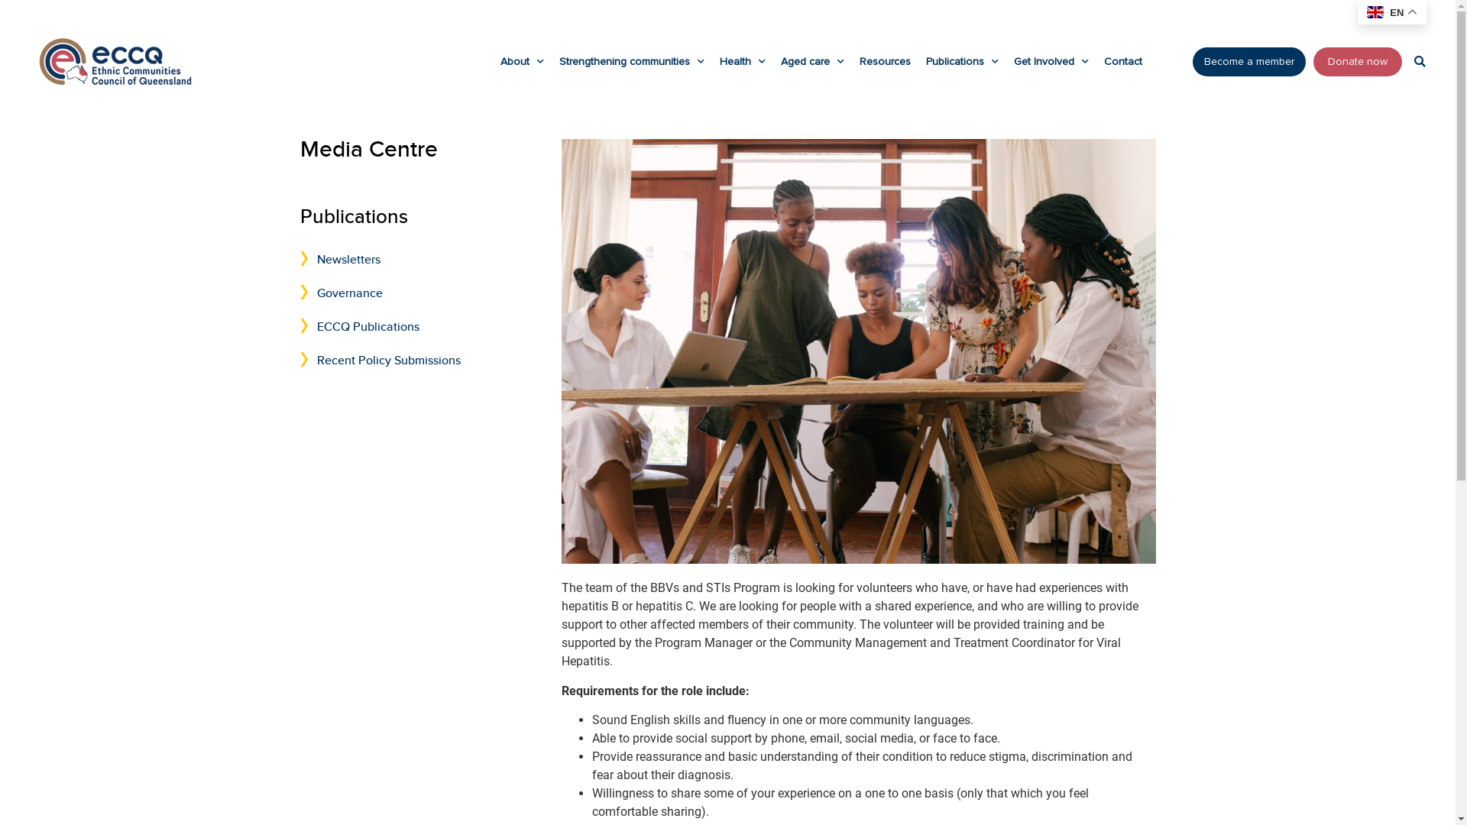 The height and width of the screenshot is (825, 1467). What do you see at coordinates (1249, 61) in the screenshot?
I see `'Become a member'` at bounding box center [1249, 61].